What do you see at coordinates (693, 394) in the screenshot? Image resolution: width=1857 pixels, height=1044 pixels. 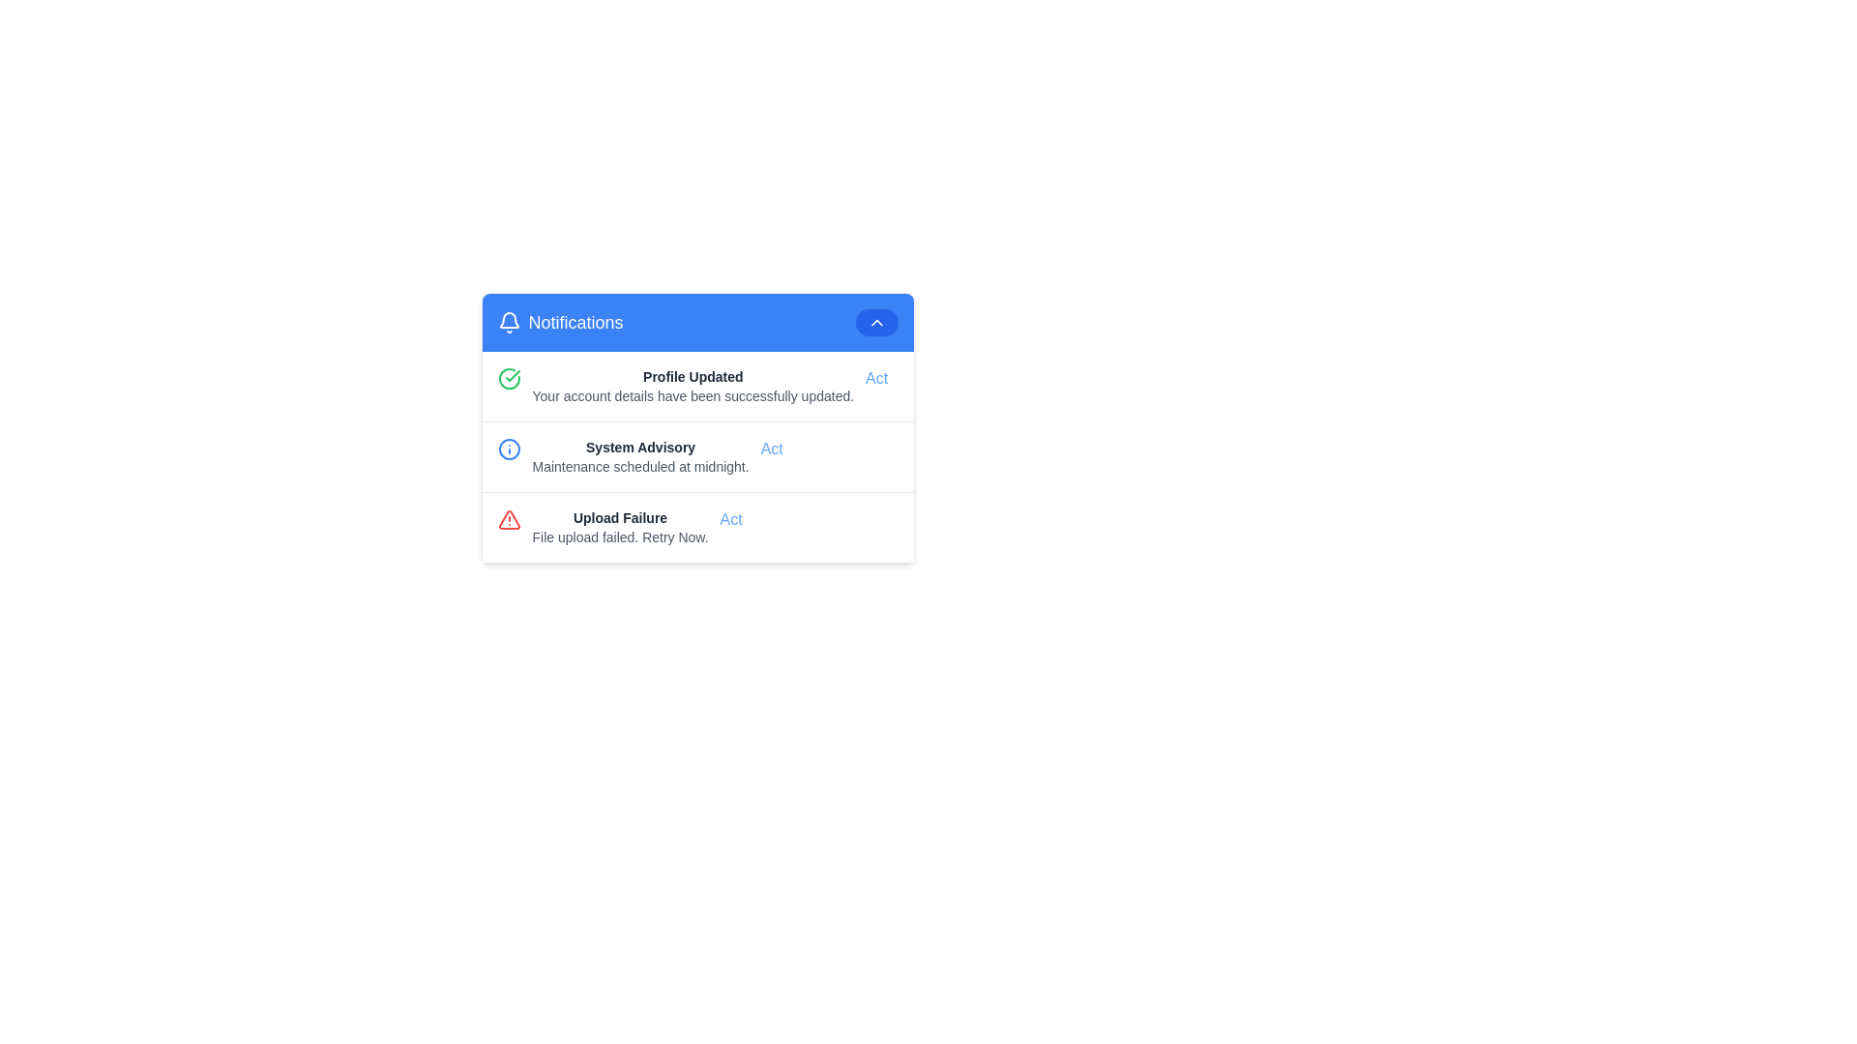 I see `the informational text label that indicates the user's account details were updated successfully, which is located in the Notifications panel below 'Profile Updated'` at bounding box center [693, 394].